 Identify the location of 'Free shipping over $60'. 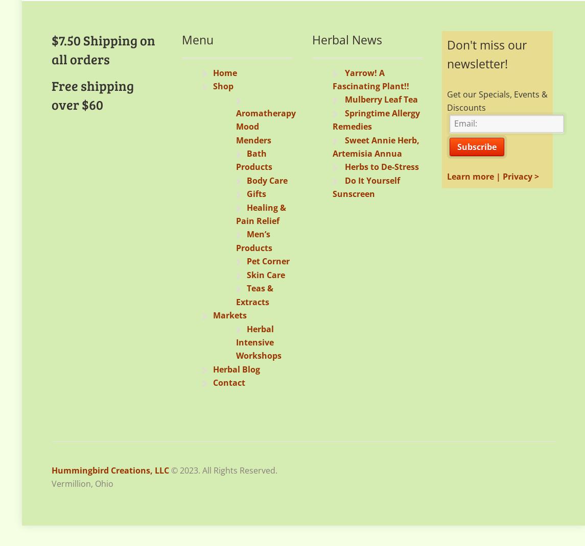
(92, 94).